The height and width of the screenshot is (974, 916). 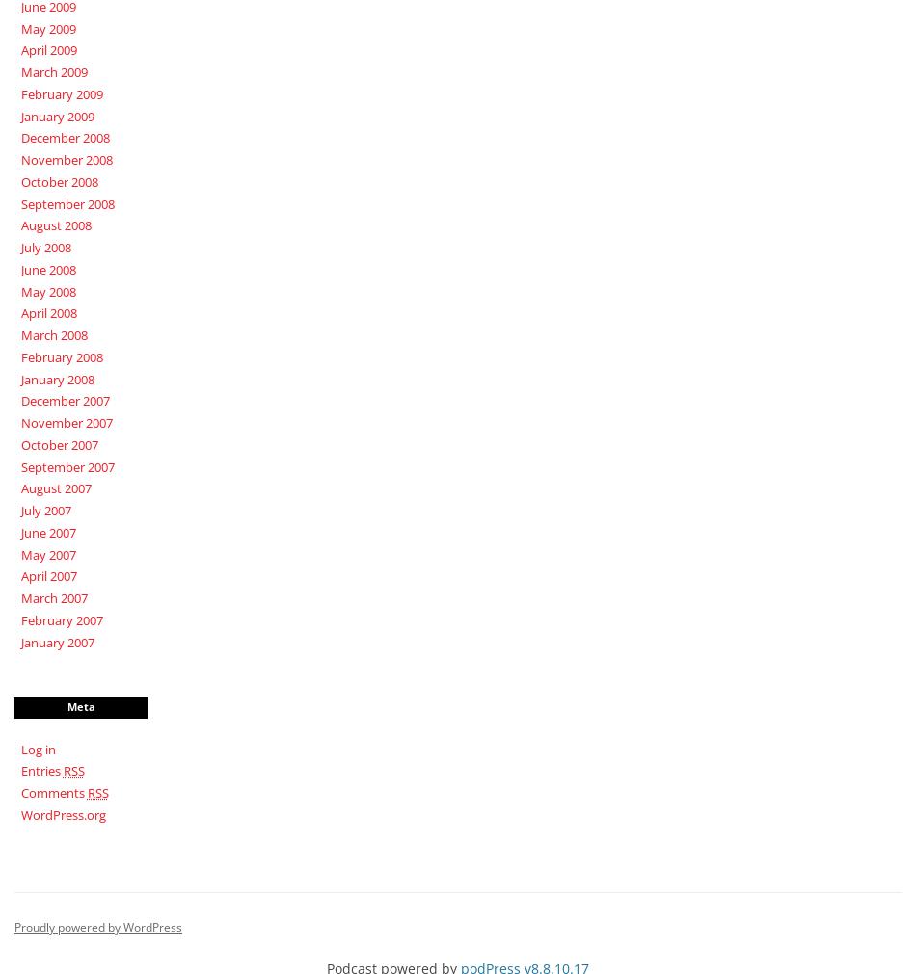 I want to click on 'February 2009', so click(x=61, y=92).